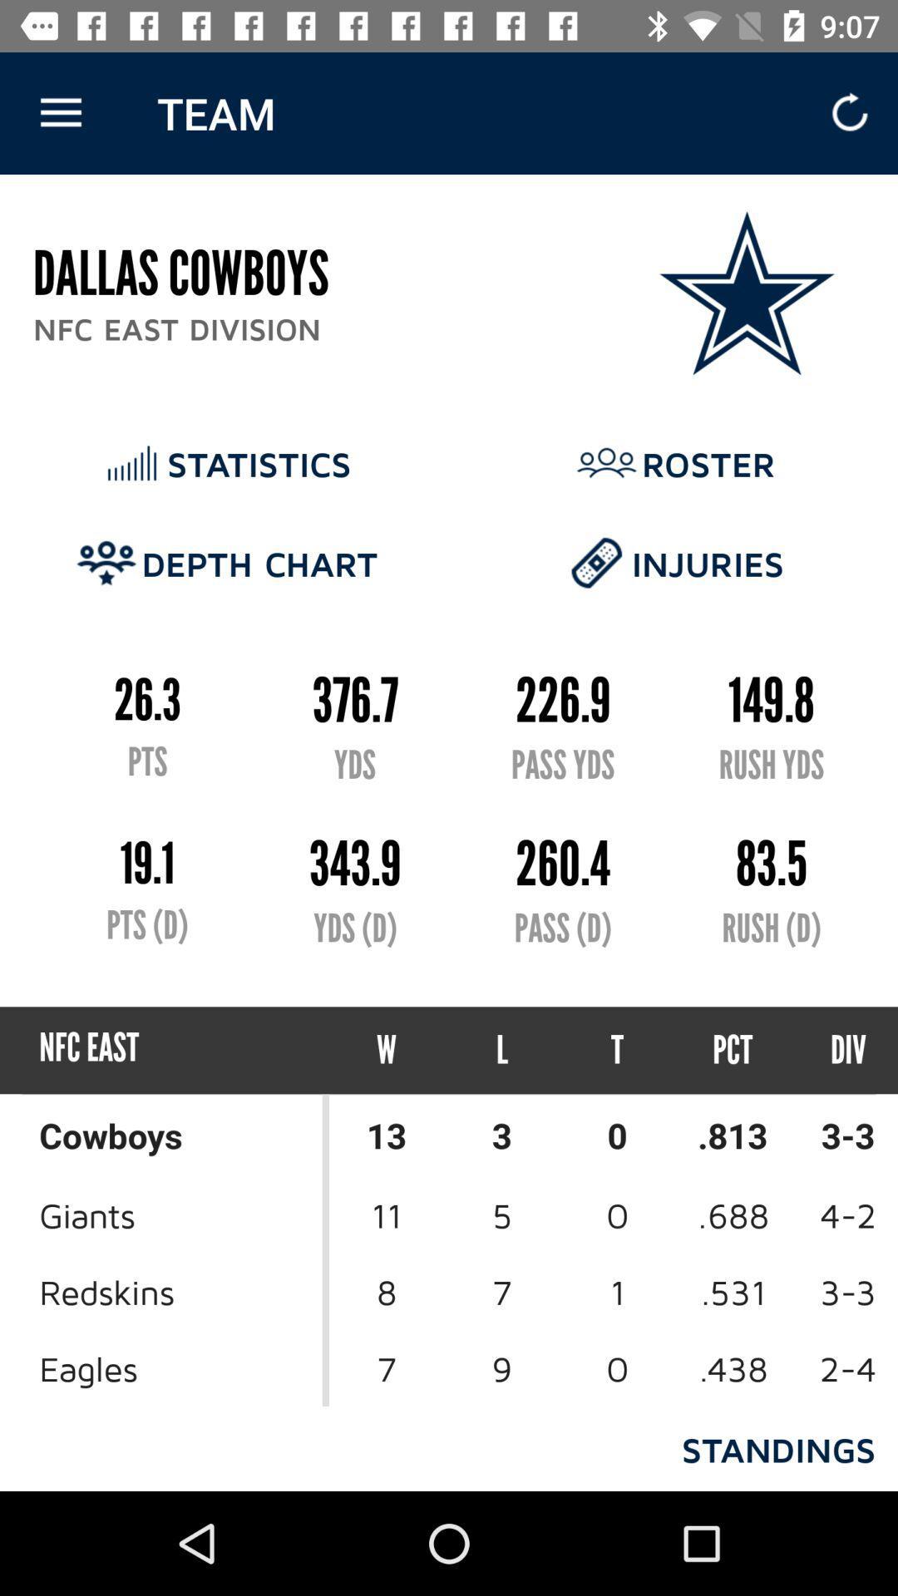 This screenshot has width=898, height=1596. I want to click on item next to the l, so click(617, 1049).